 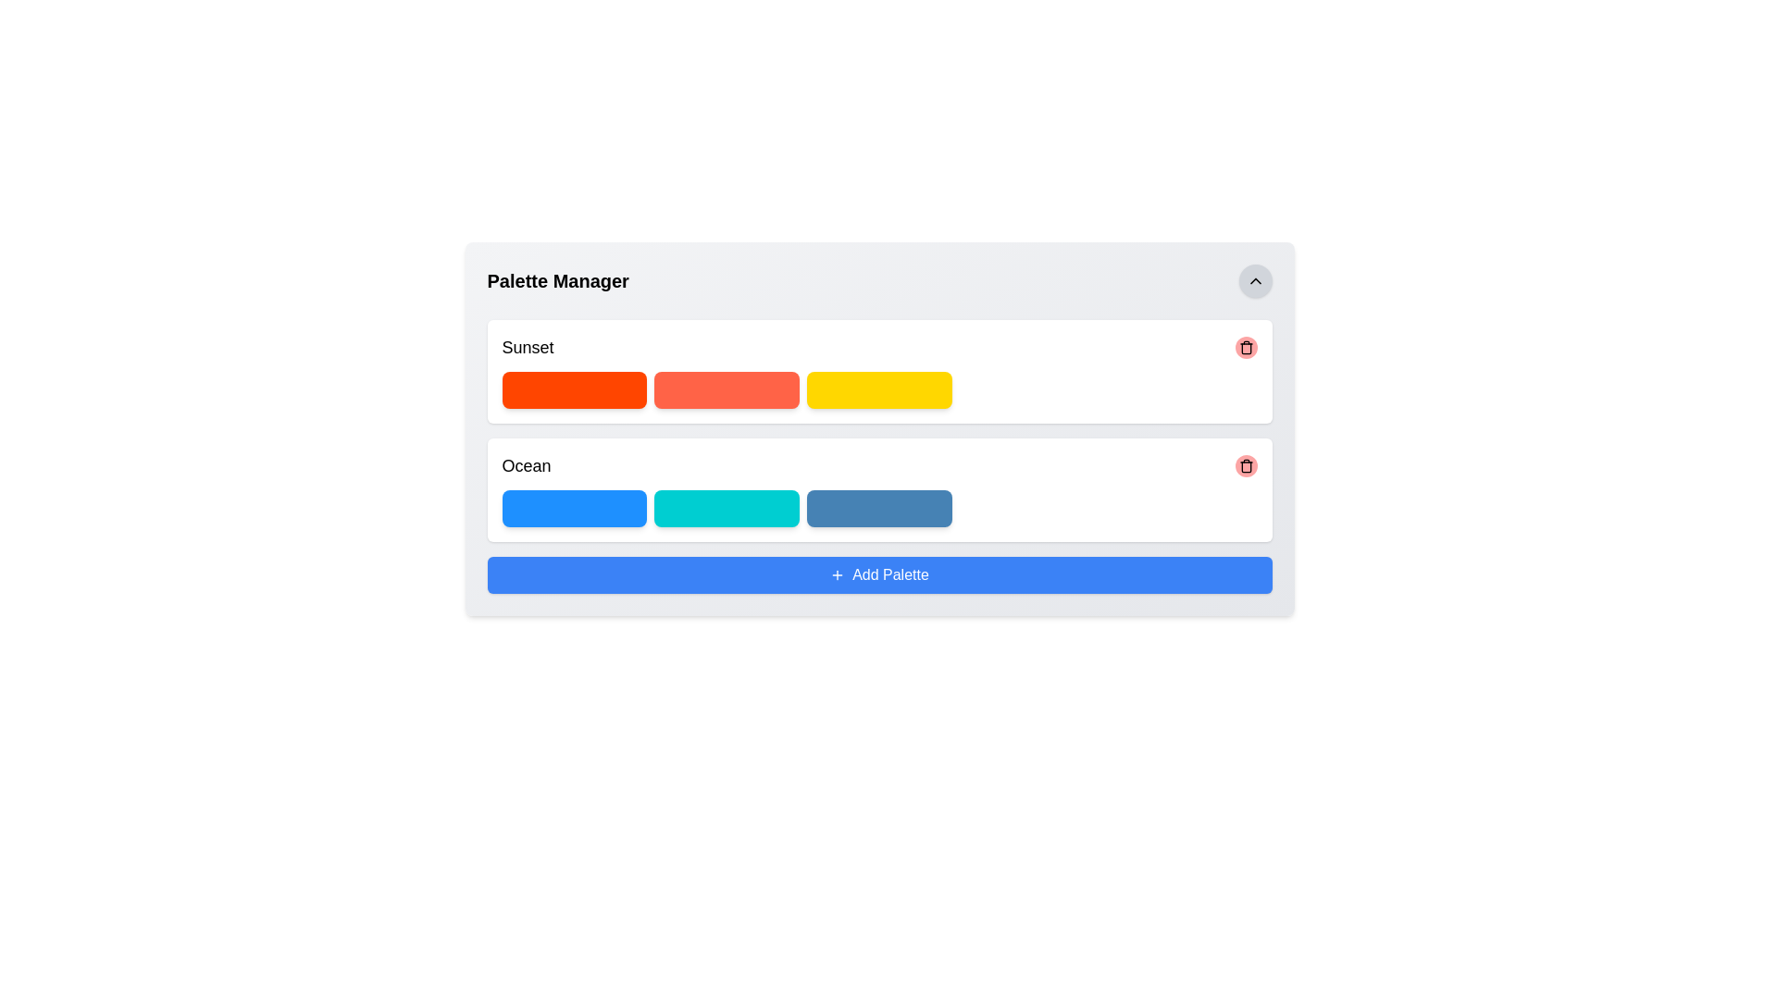 I want to click on the 'Add Palette' button icon, which serves as a visual indicator for adding a new palette, located at the bottom of the interface, so click(x=837, y=573).